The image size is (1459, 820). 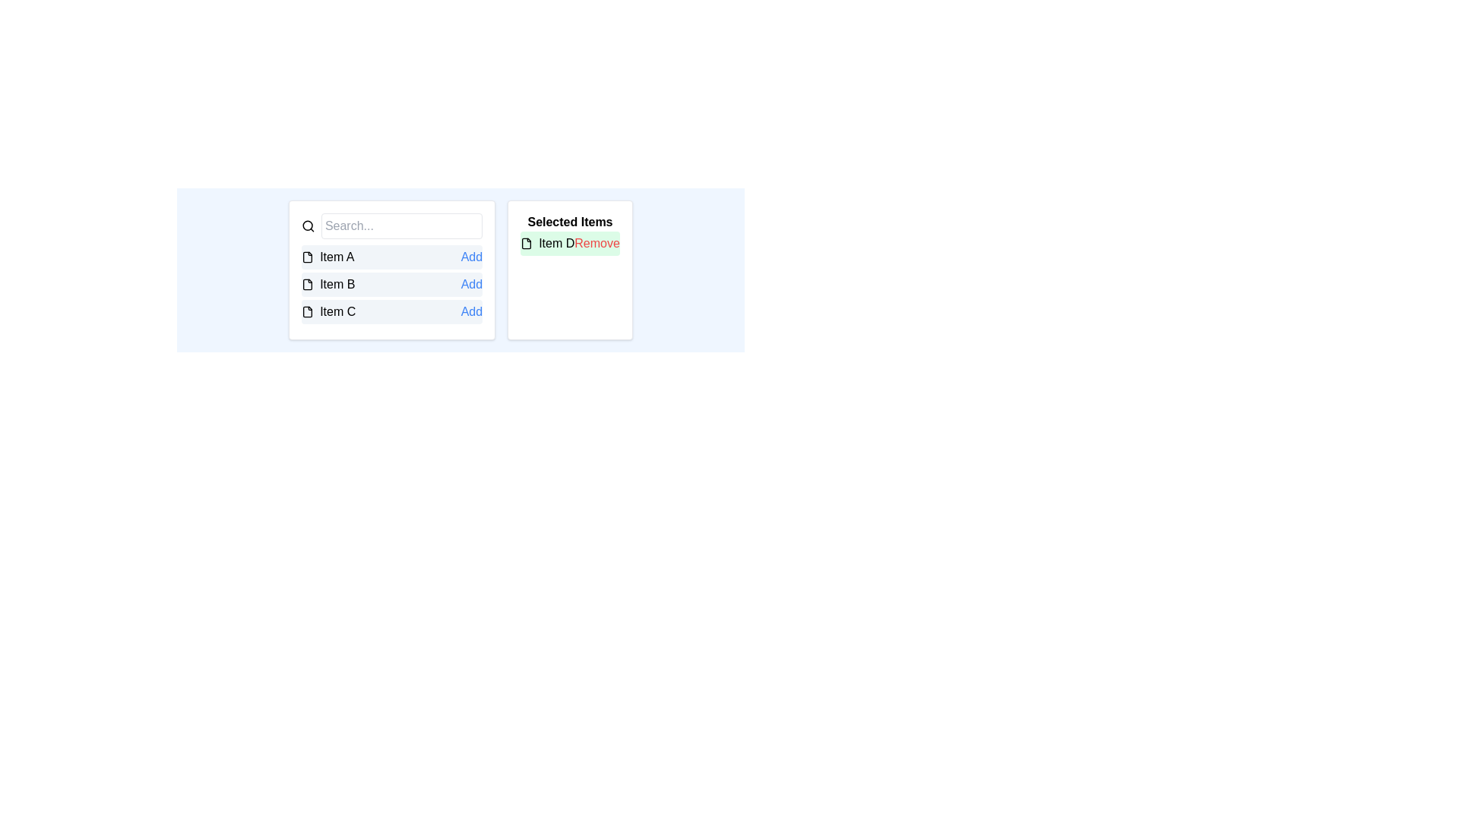 What do you see at coordinates (470, 284) in the screenshot?
I see `the 'Add' button associated with 'Item B'` at bounding box center [470, 284].